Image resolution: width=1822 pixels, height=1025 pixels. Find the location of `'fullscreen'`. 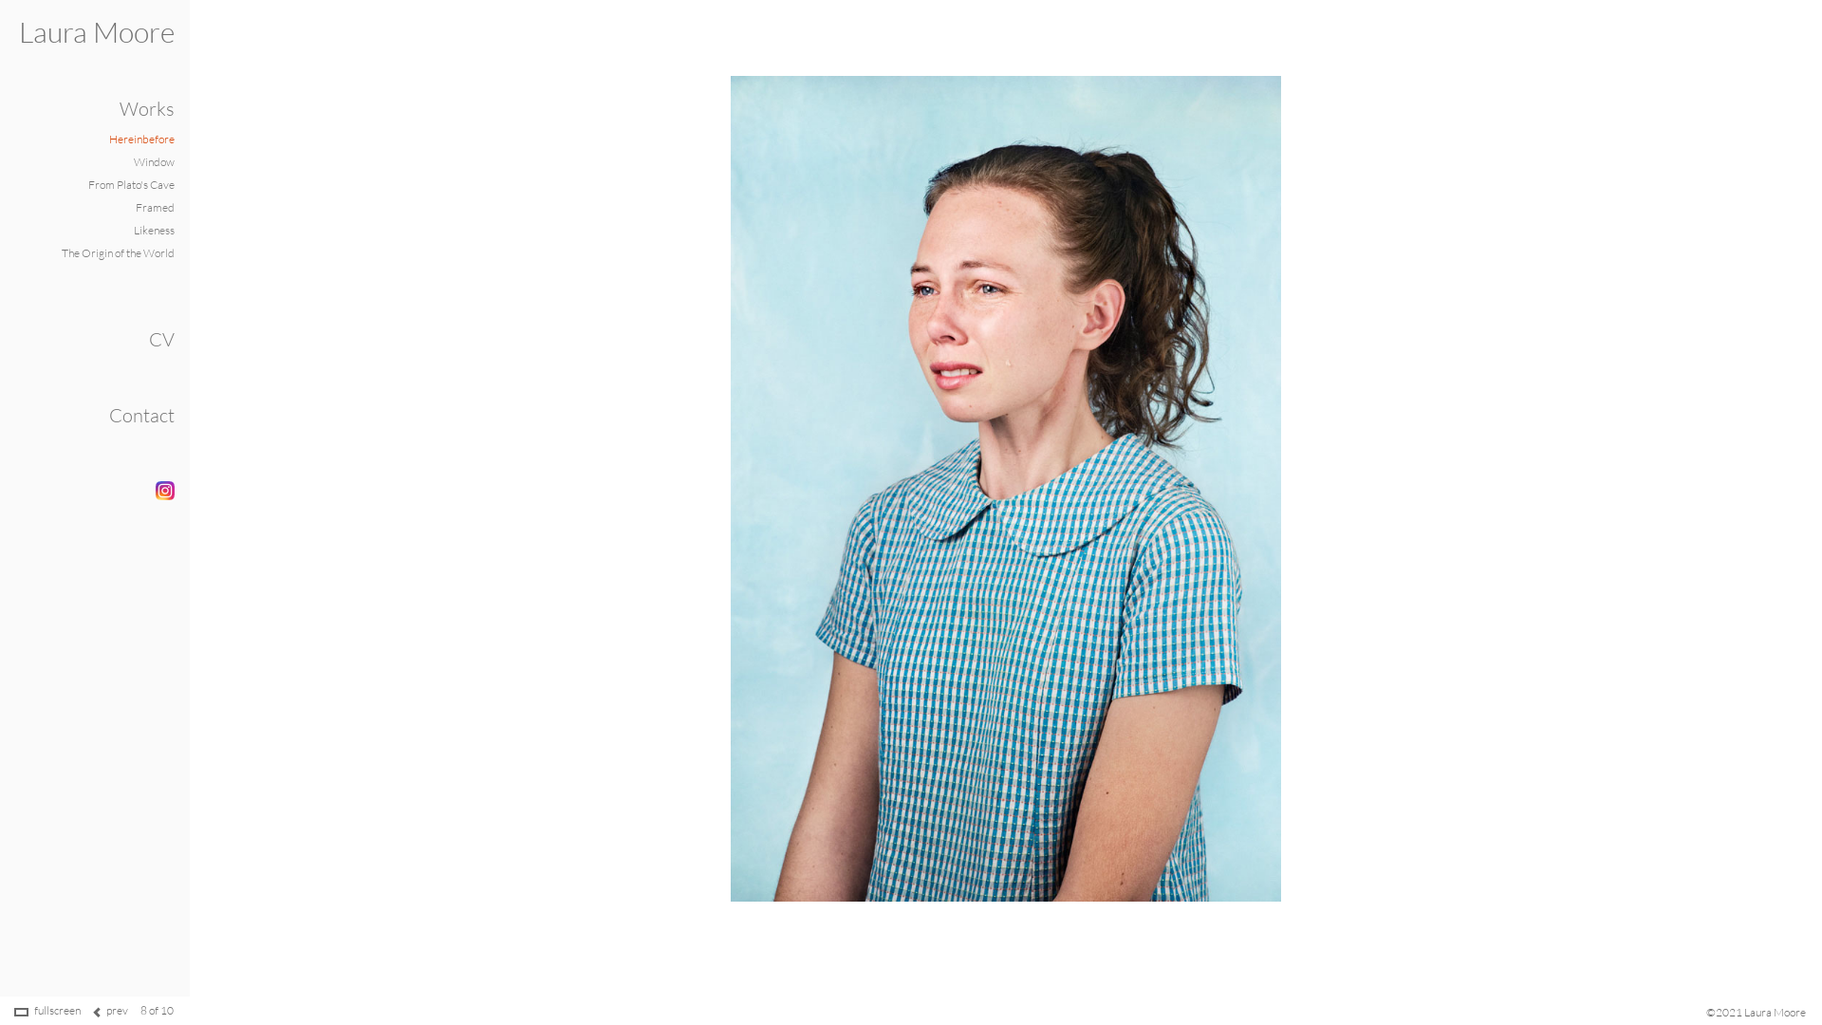

'fullscreen' is located at coordinates (57, 1008).